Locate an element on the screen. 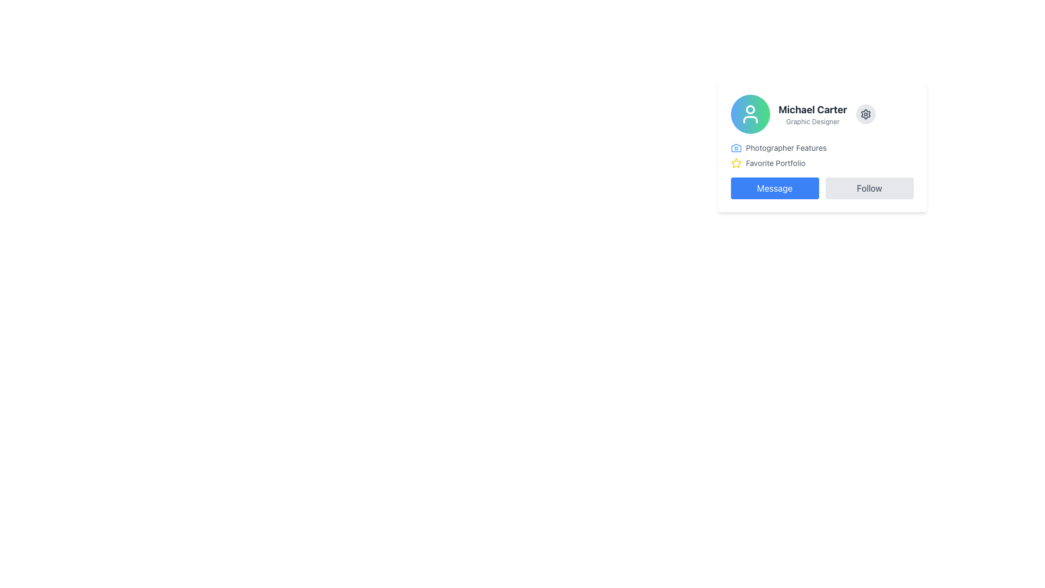 The width and height of the screenshot is (1045, 588). the favorite indicator icon located to the left of the 'Favorite Portfolio' text in the profile card is located at coordinates (736, 163).